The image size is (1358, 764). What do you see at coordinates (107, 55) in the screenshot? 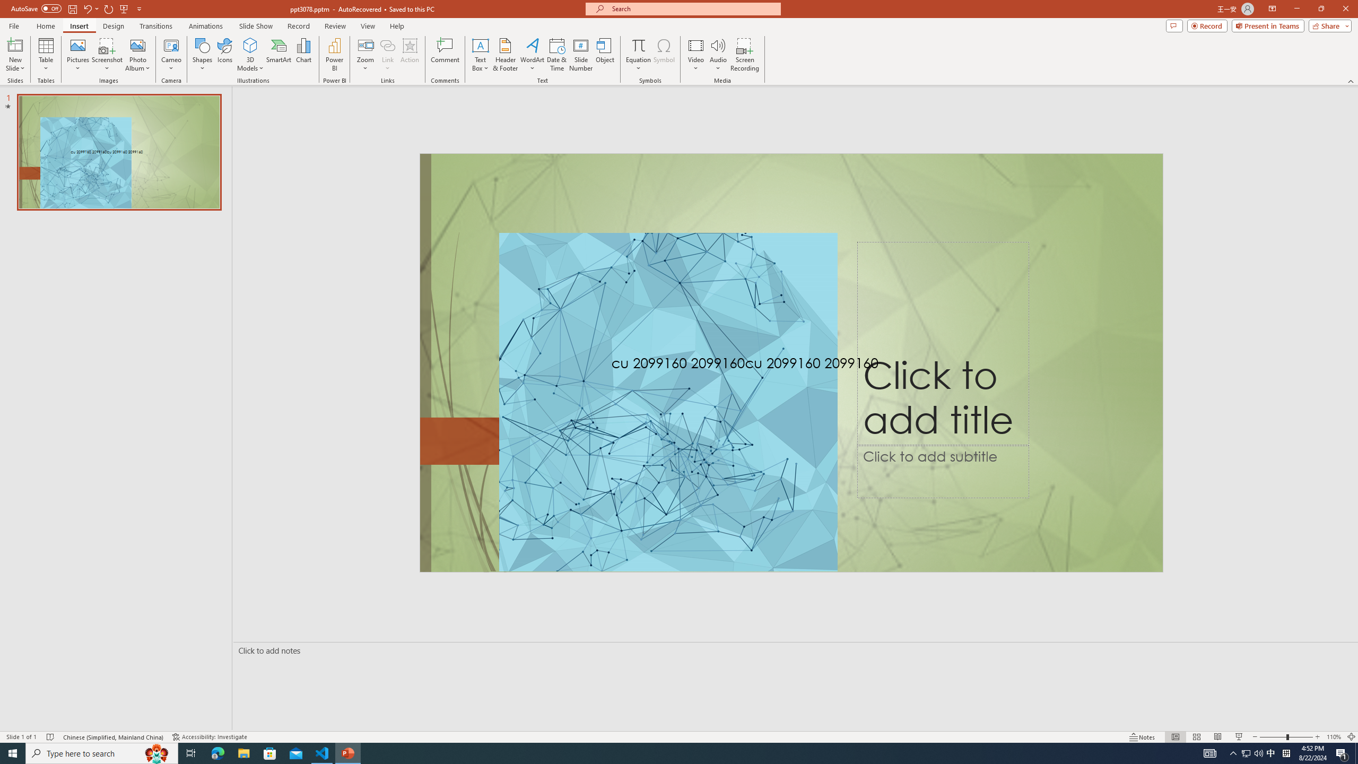
I see `'Screenshot'` at bounding box center [107, 55].